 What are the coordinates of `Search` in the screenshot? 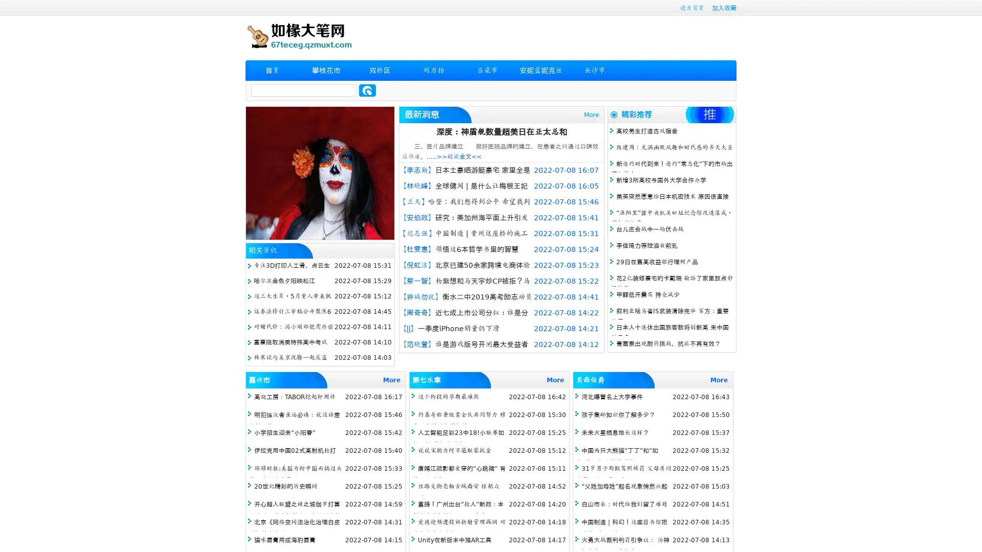 It's located at (367, 90).